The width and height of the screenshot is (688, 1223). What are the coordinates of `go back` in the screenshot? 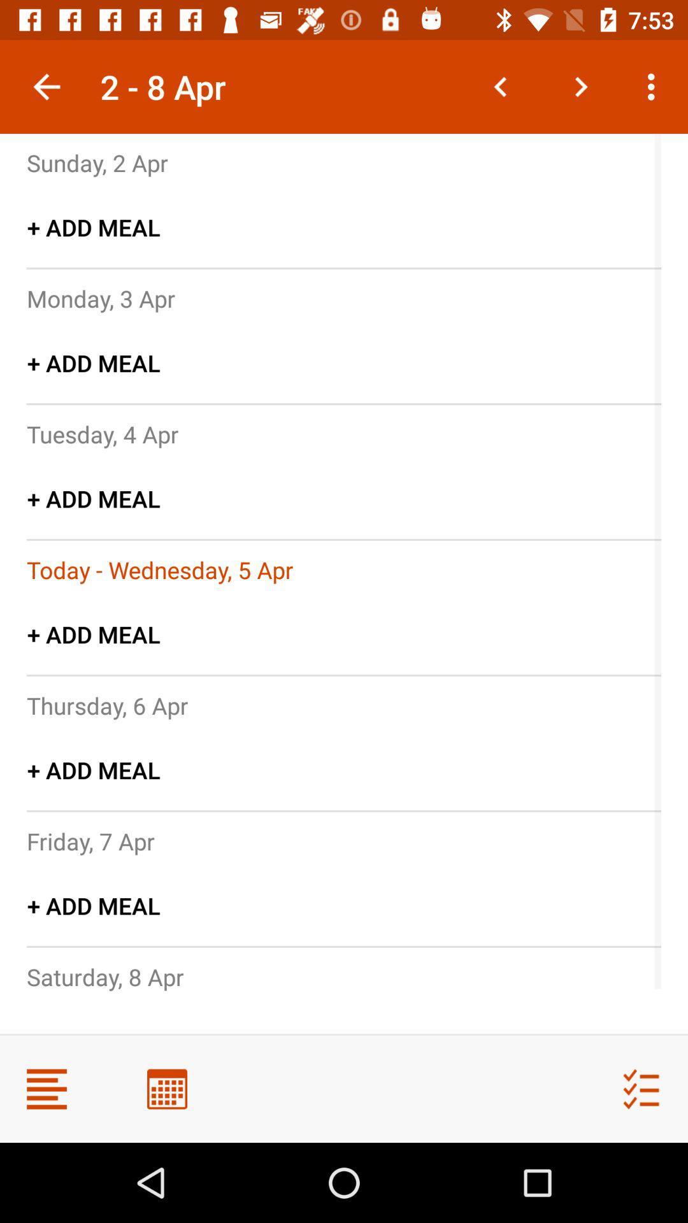 It's located at (500, 86).